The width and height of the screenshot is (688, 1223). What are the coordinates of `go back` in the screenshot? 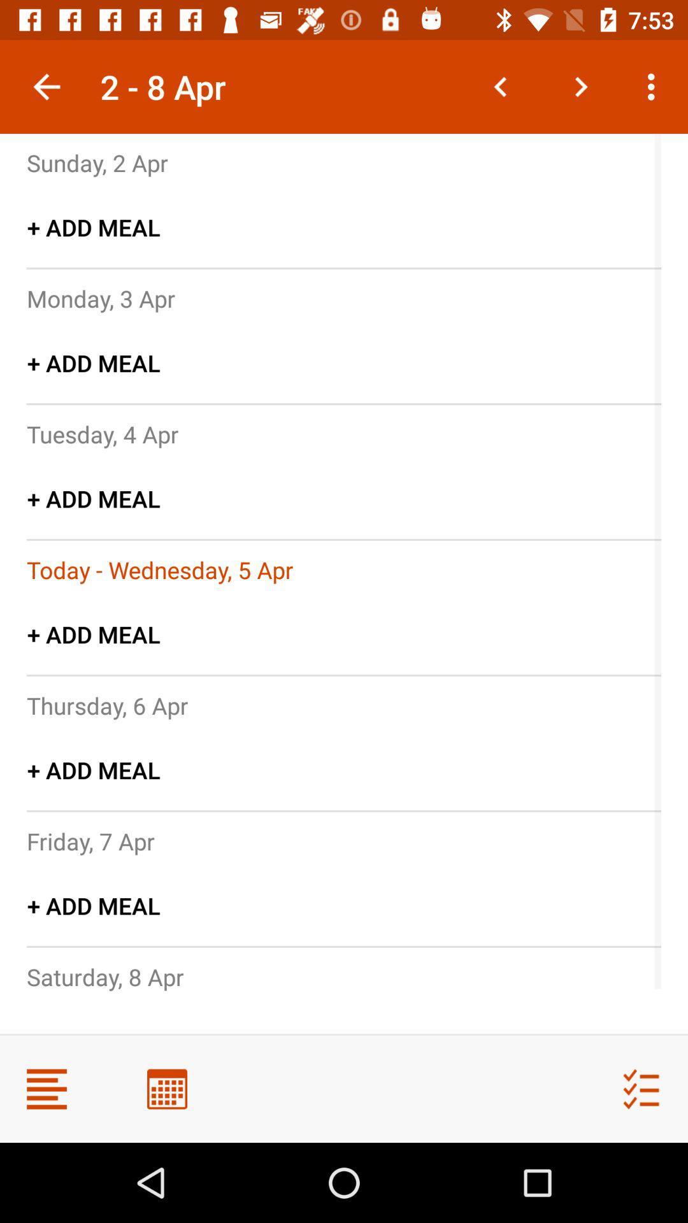 It's located at (500, 86).